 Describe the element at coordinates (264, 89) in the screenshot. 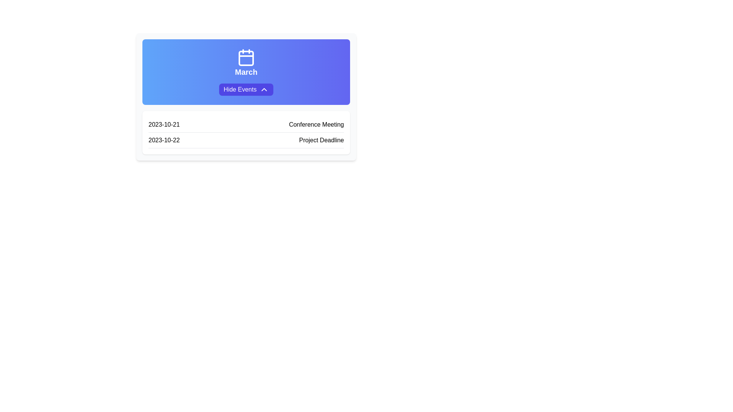

I see `the upward-pointing chevron icon located within the 'Hide Events' button, which has a blue background and is positioned below the 'March' header` at that location.